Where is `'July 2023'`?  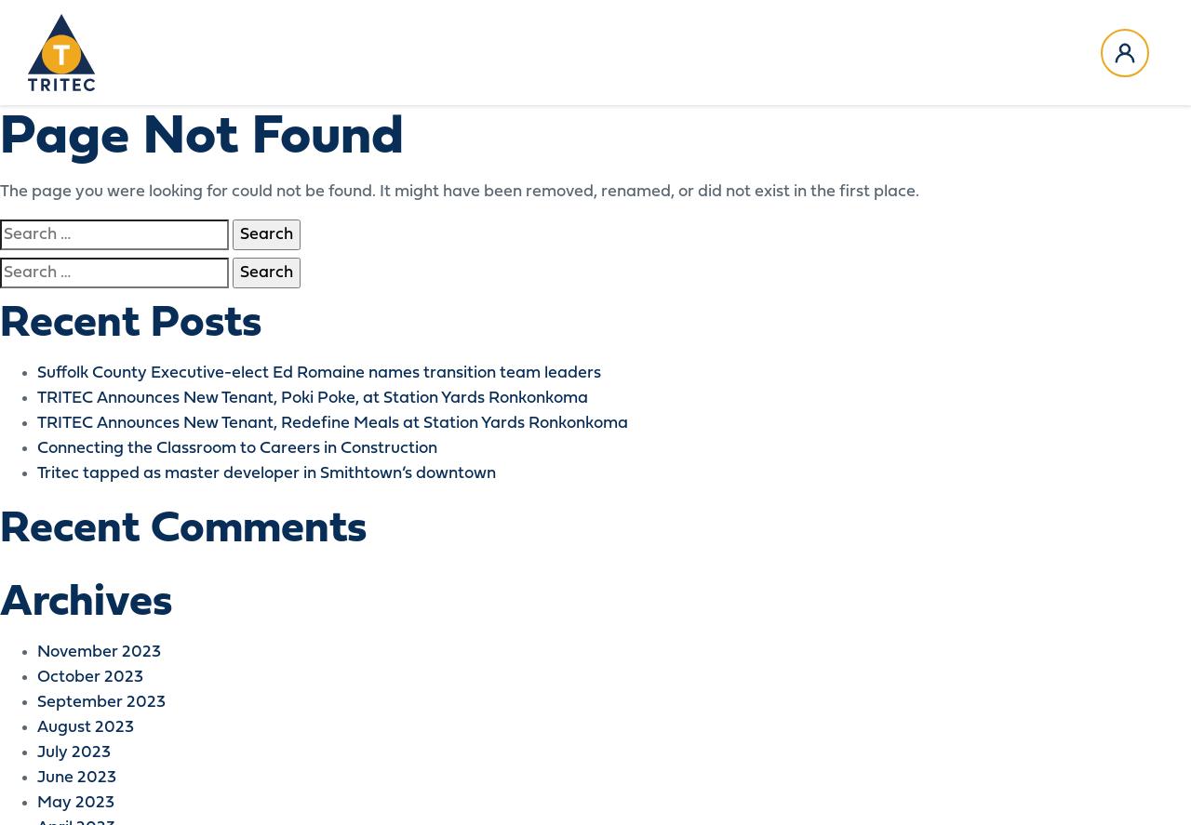
'July 2023' is located at coordinates (36, 752).